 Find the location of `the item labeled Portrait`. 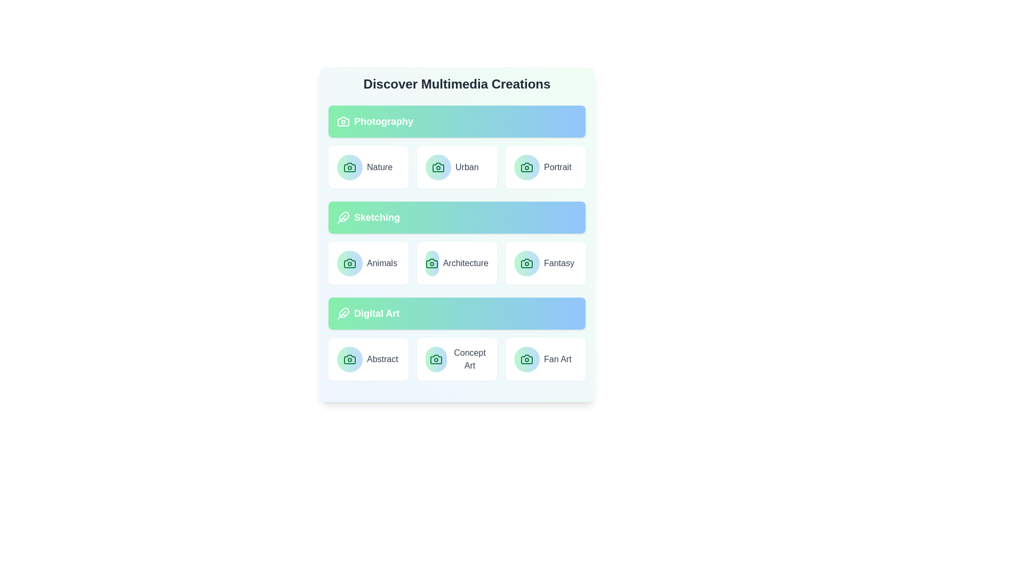

the item labeled Portrait is located at coordinates (545, 167).